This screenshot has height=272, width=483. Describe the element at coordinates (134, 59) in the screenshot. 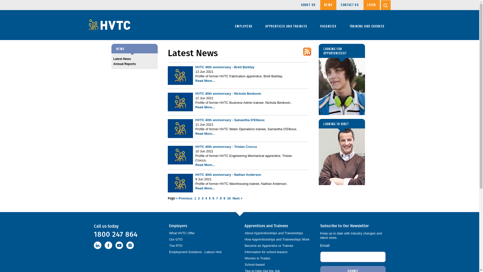

I see `'Latest News'` at that location.